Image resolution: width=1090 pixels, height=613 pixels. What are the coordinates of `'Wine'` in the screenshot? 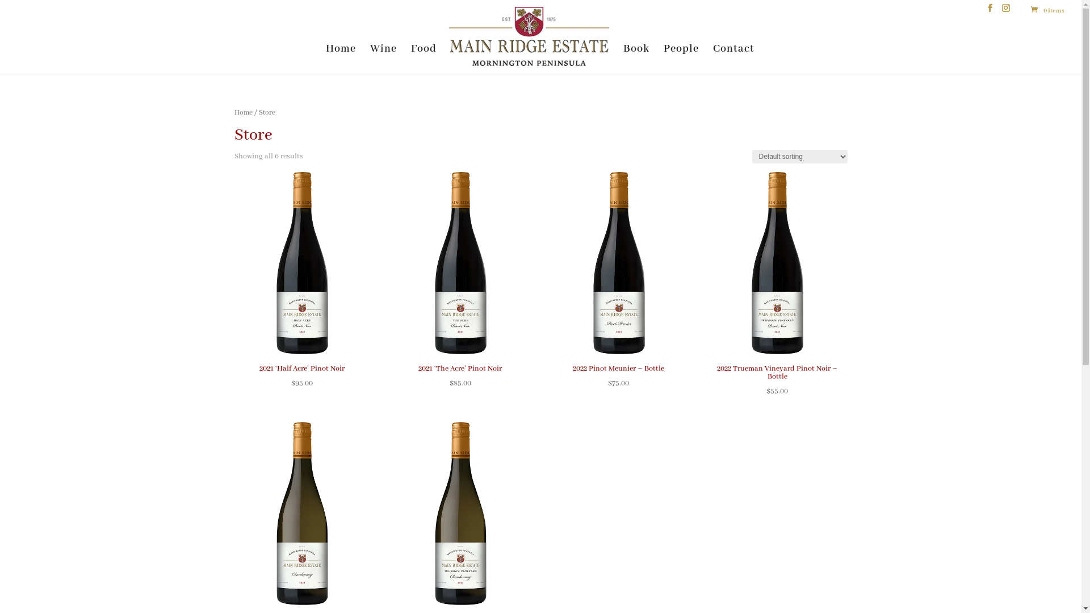 It's located at (383, 57).